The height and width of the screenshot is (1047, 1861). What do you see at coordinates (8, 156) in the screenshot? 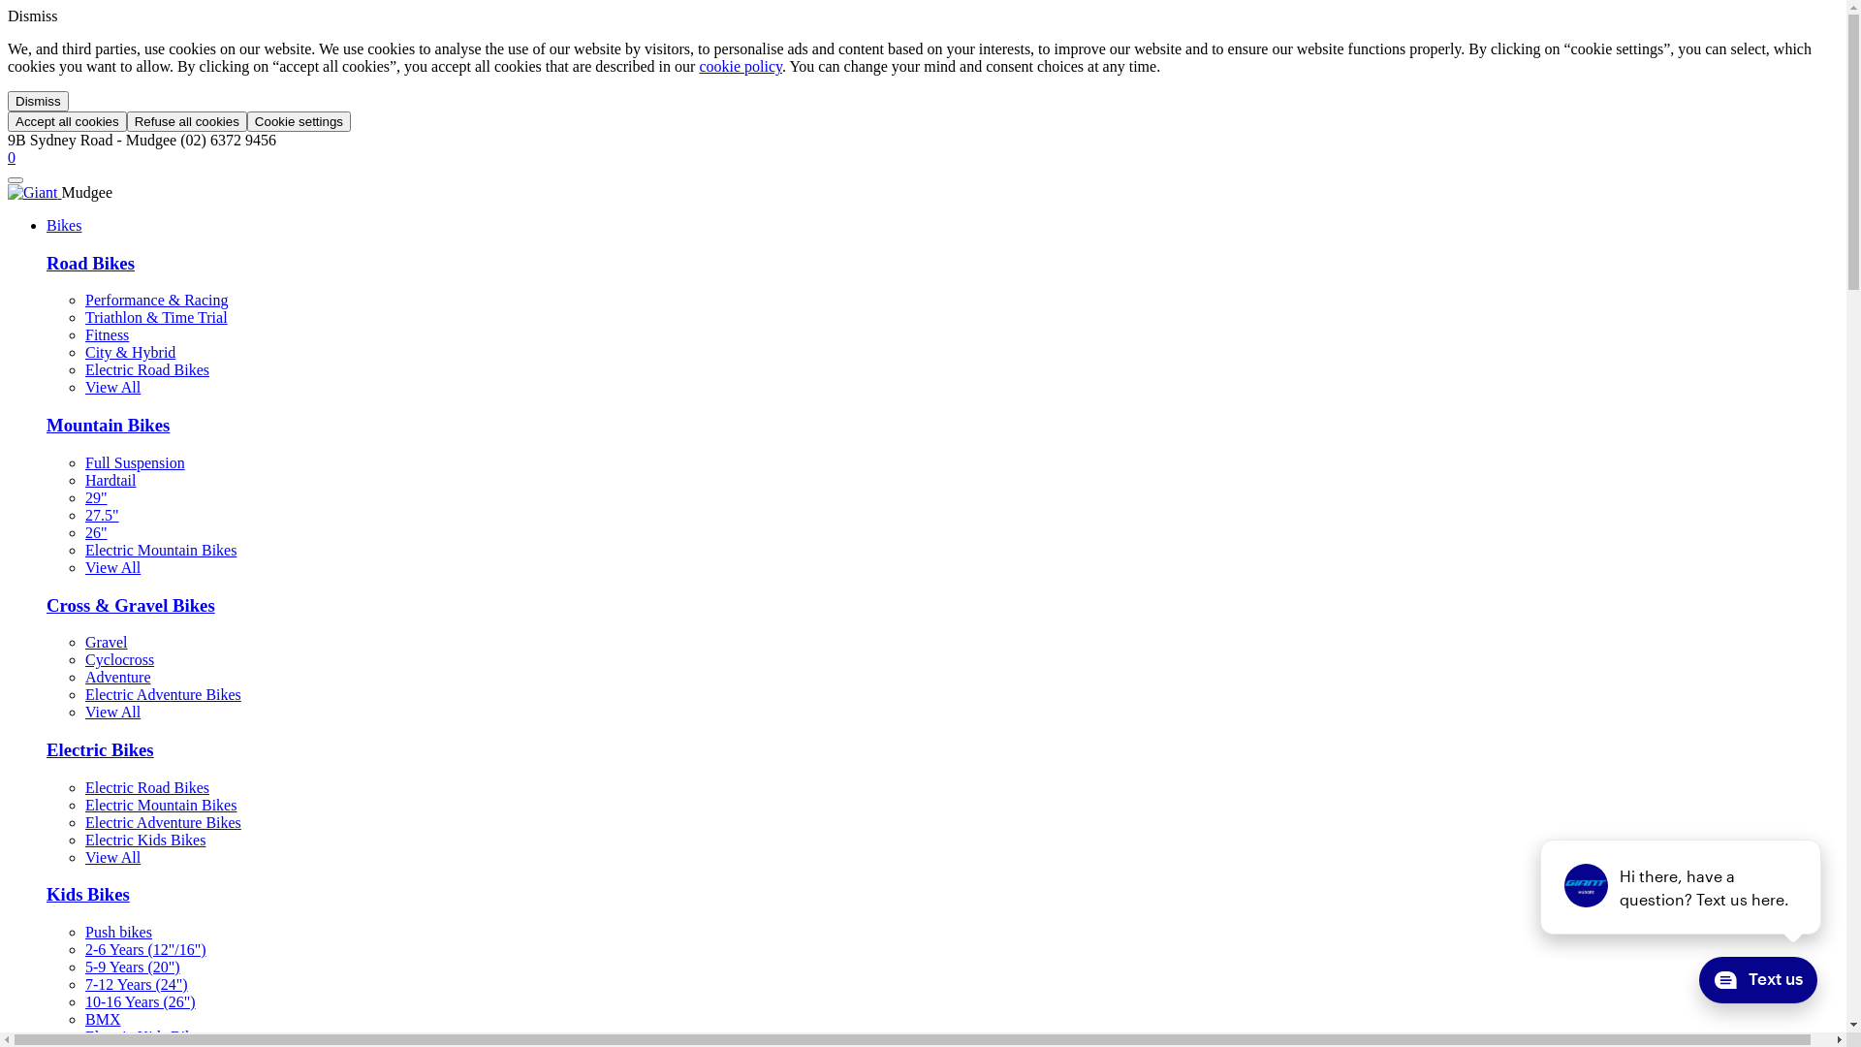
I see `'0'` at bounding box center [8, 156].